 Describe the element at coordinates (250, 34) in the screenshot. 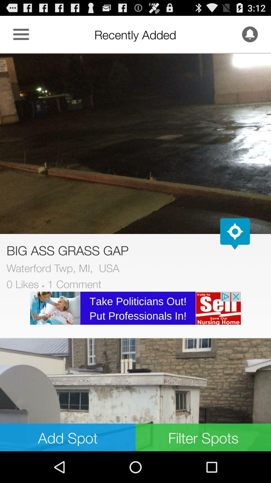

I see `notify` at that location.